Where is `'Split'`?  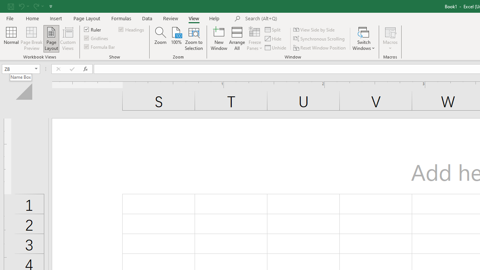 'Split' is located at coordinates (273, 29).